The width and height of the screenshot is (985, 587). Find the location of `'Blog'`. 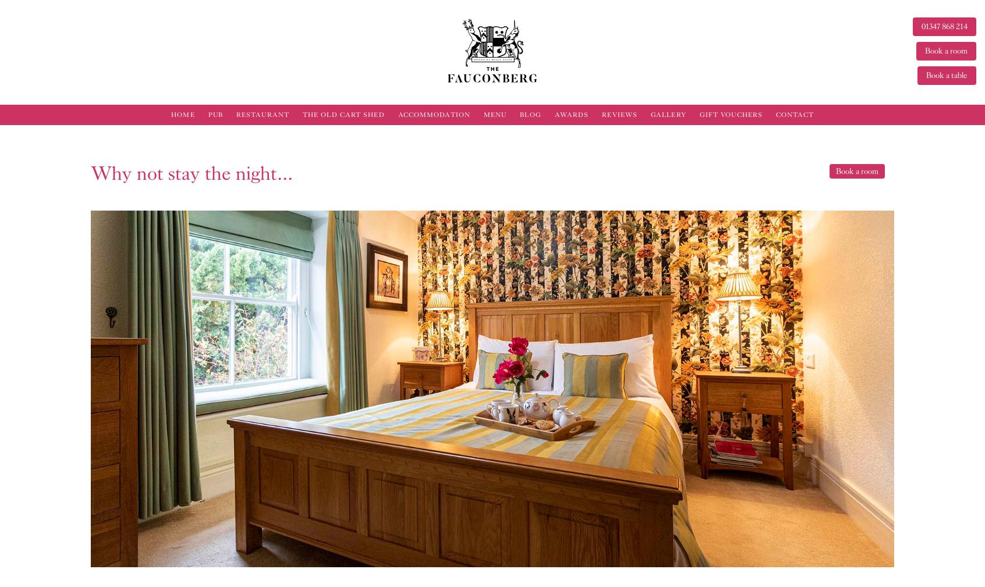

'Blog' is located at coordinates (529, 114).